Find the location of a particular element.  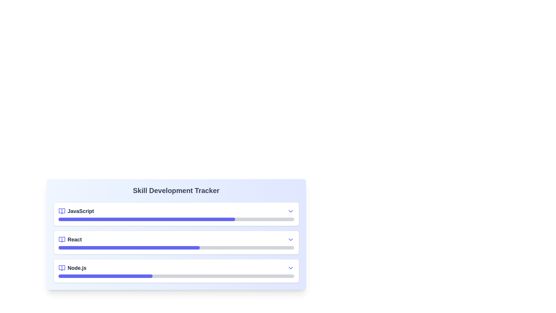

the progress bar indicating the completion level for the 'JavaScript' skill, located below the 'JavaScript' title text in the skill tracker card is located at coordinates (176, 219).